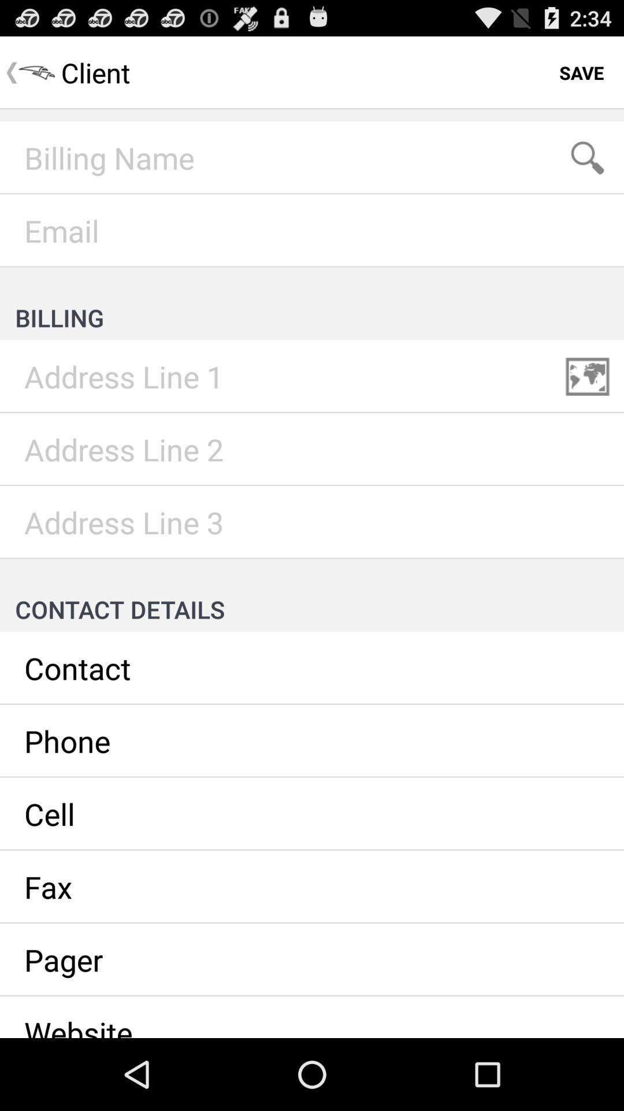  I want to click on contact details fax, so click(312, 886).